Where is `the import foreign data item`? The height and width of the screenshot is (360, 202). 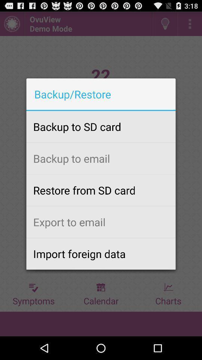 the import foreign data item is located at coordinates (101, 253).